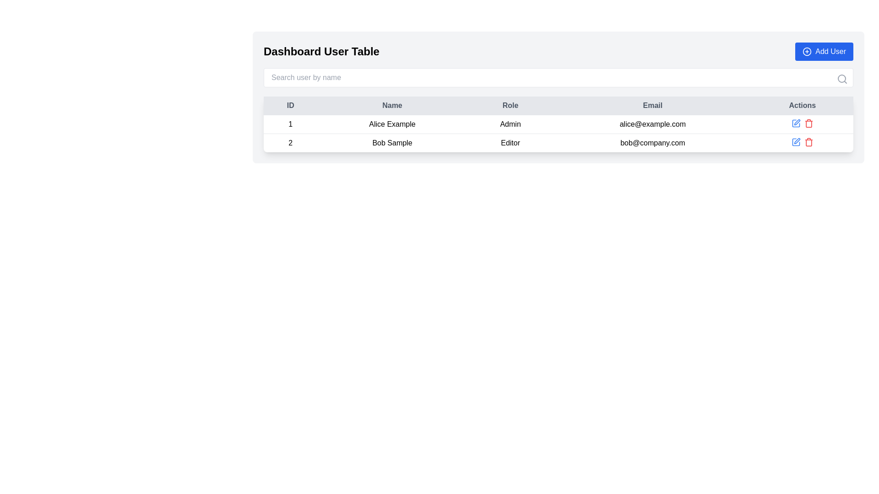  Describe the element at coordinates (558, 124) in the screenshot. I see `the first row in the user information table displaying data for Alice Example` at that location.